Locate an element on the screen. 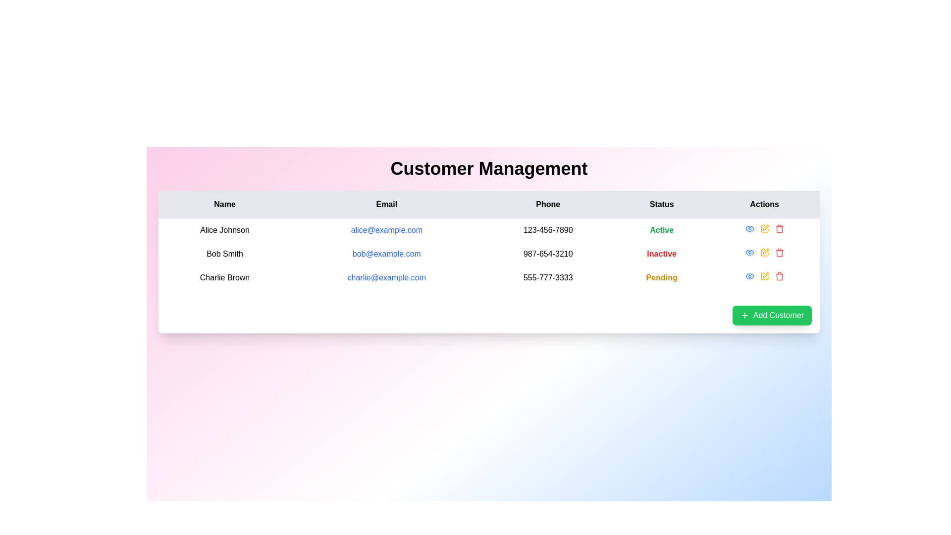  text content of the status label indicating that 'Alice Johnson' is active, located in the 'Status' column of the row for 'Alice Johnson' is located at coordinates (662, 230).